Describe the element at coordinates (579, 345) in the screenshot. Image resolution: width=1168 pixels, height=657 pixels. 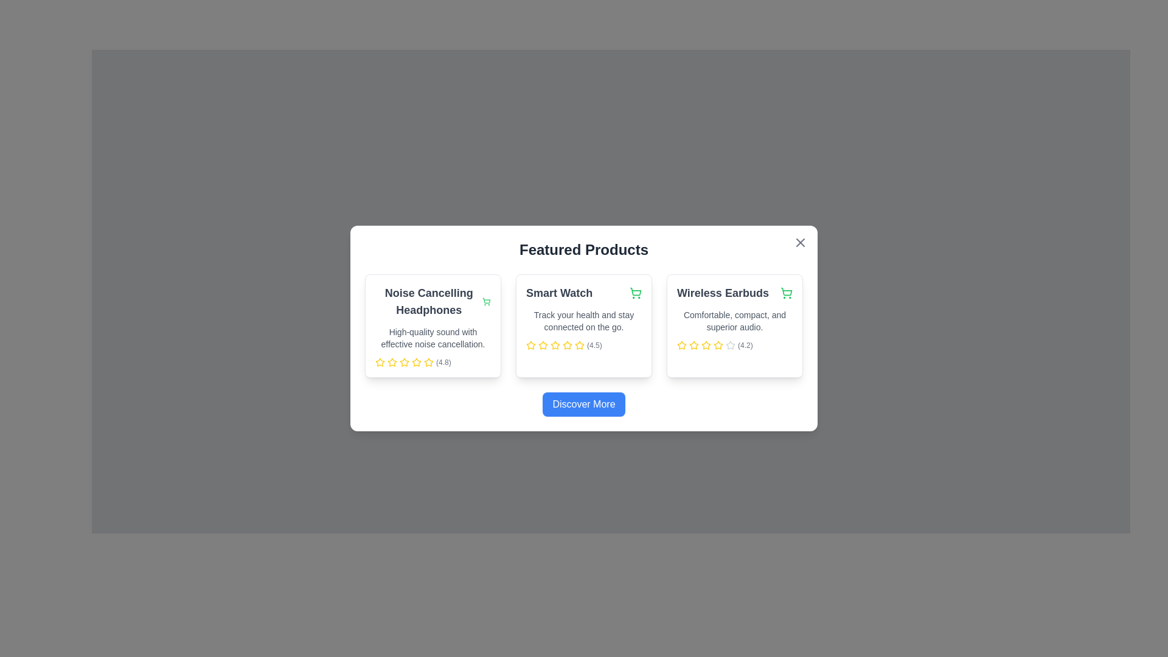
I see `the 6th yellow outlined star icon representing a rating in the 'Smart Watch' product section` at that location.